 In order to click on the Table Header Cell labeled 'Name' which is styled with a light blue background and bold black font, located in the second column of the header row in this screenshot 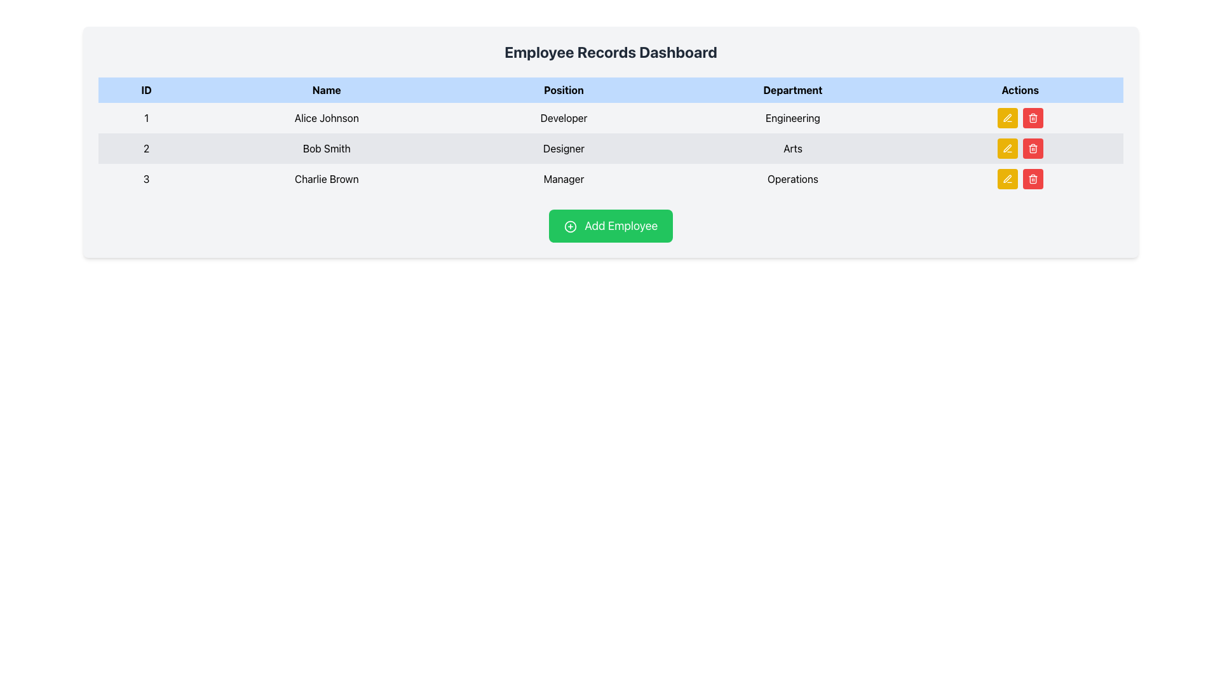, I will do `click(327, 90)`.